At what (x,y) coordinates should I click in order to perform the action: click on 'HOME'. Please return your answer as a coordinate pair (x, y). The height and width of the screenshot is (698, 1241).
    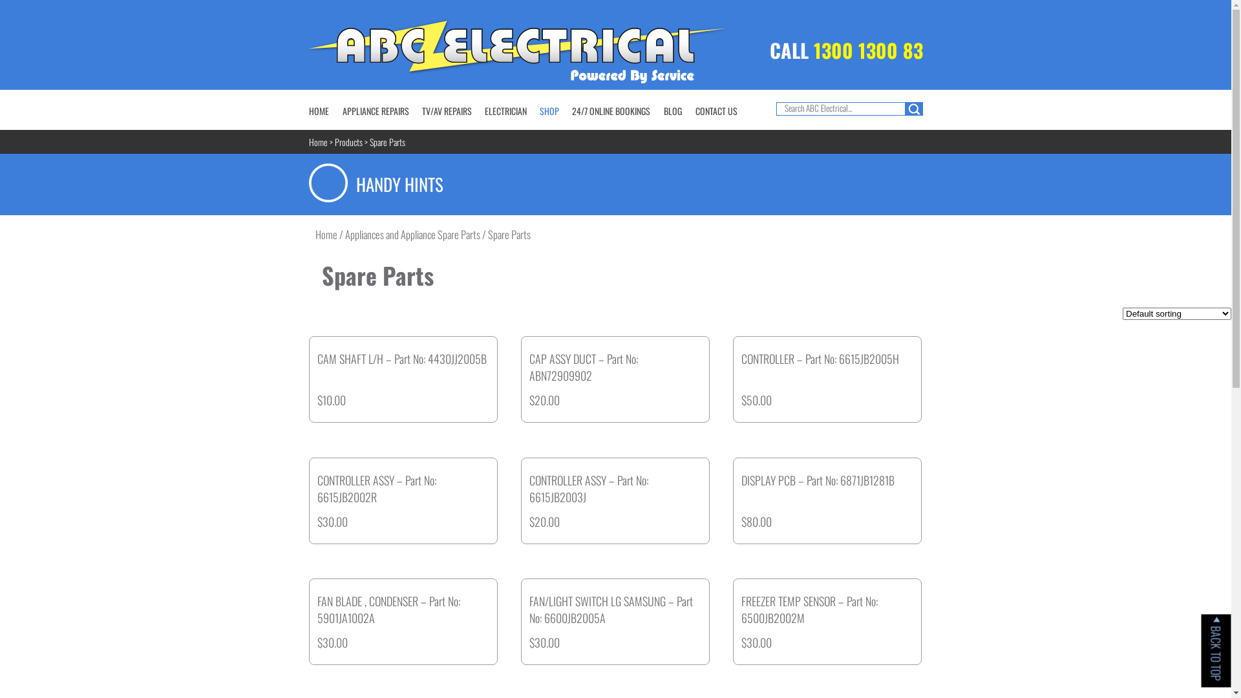
    Looking at the image, I should click on (319, 110).